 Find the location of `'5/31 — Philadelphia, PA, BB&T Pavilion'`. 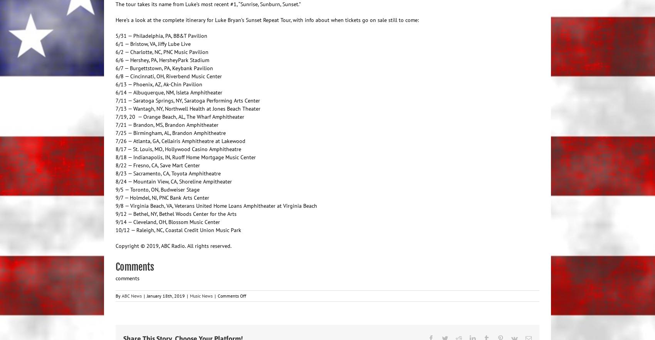

'5/31 — Philadelphia, PA, BB&T Pavilion' is located at coordinates (161, 35).